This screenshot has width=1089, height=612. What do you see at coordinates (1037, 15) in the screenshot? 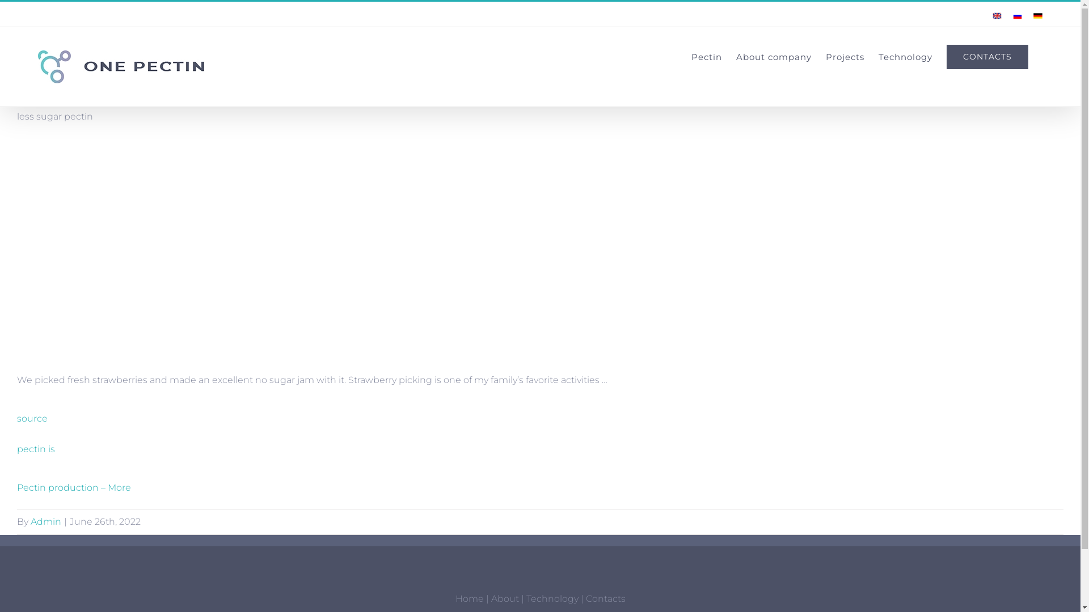
I see `'German'` at bounding box center [1037, 15].